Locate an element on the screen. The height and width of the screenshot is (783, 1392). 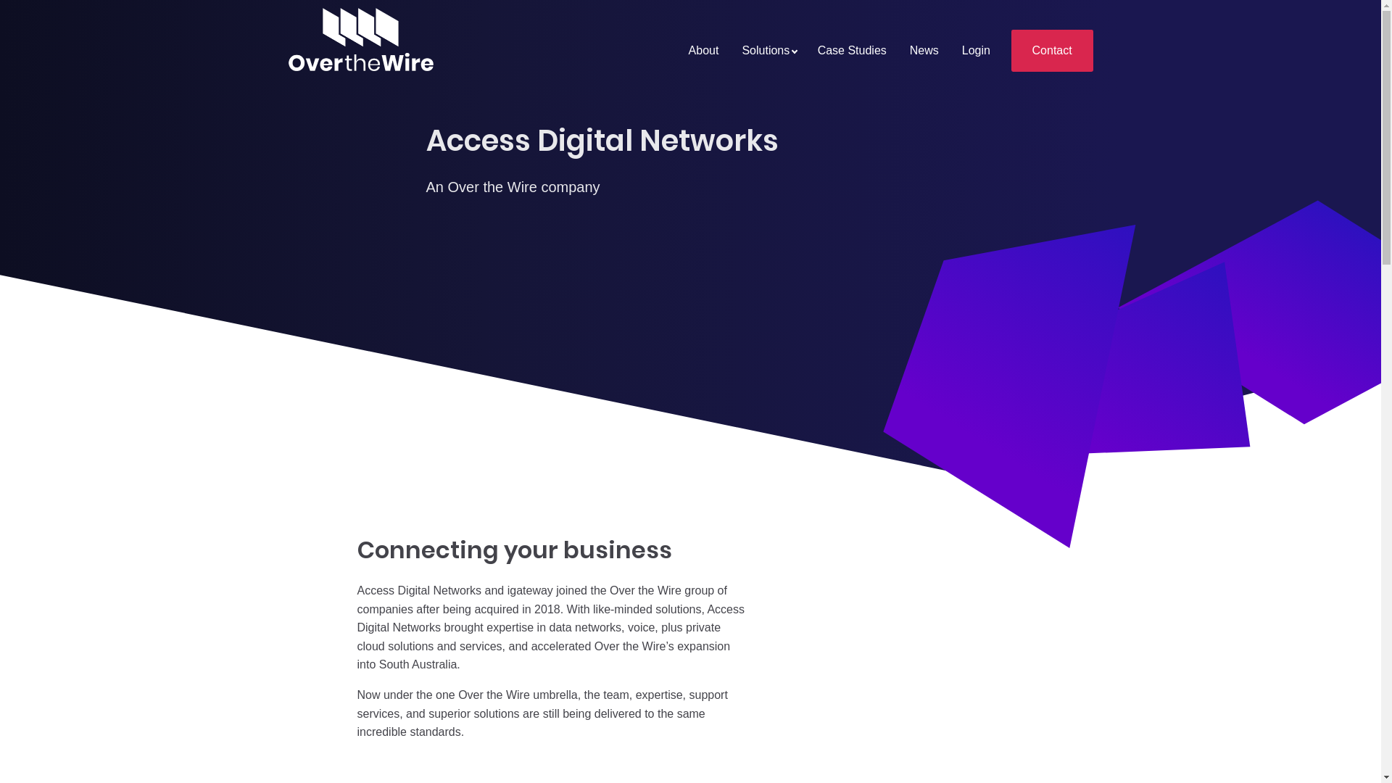
'Case Studies' is located at coordinates (852, 50).